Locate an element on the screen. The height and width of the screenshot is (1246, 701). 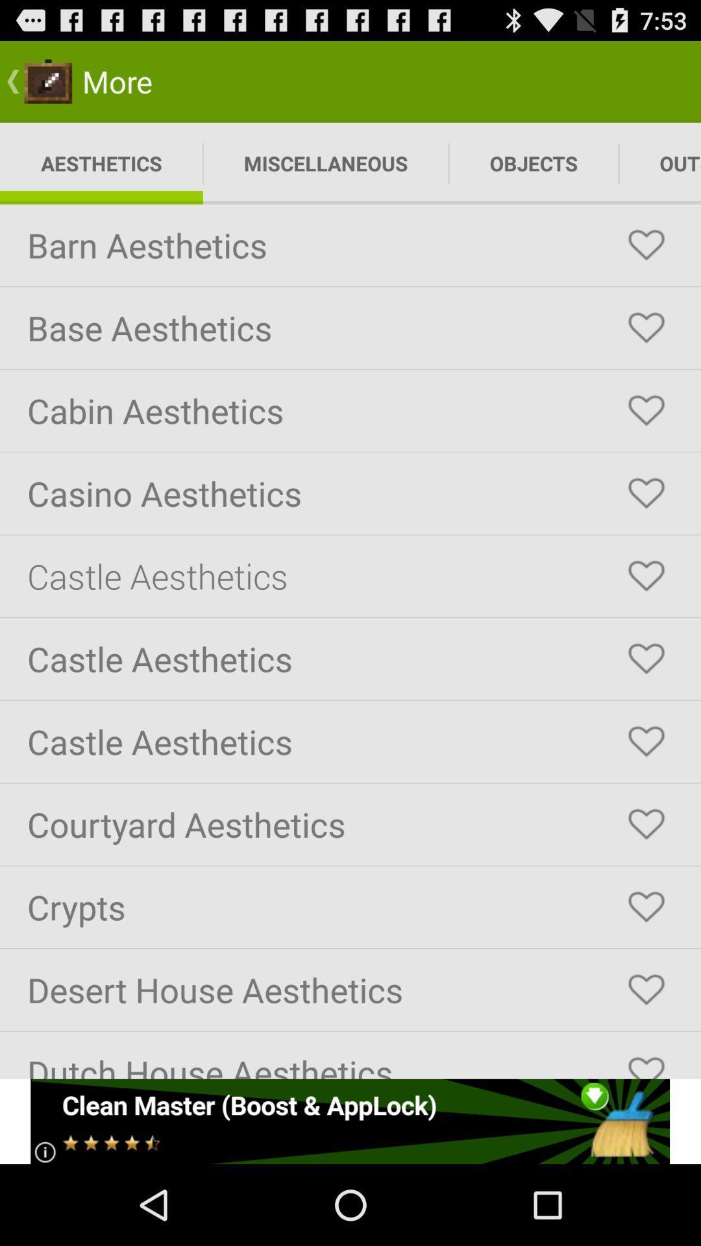
selct the button is located at coordinates (646, 493).